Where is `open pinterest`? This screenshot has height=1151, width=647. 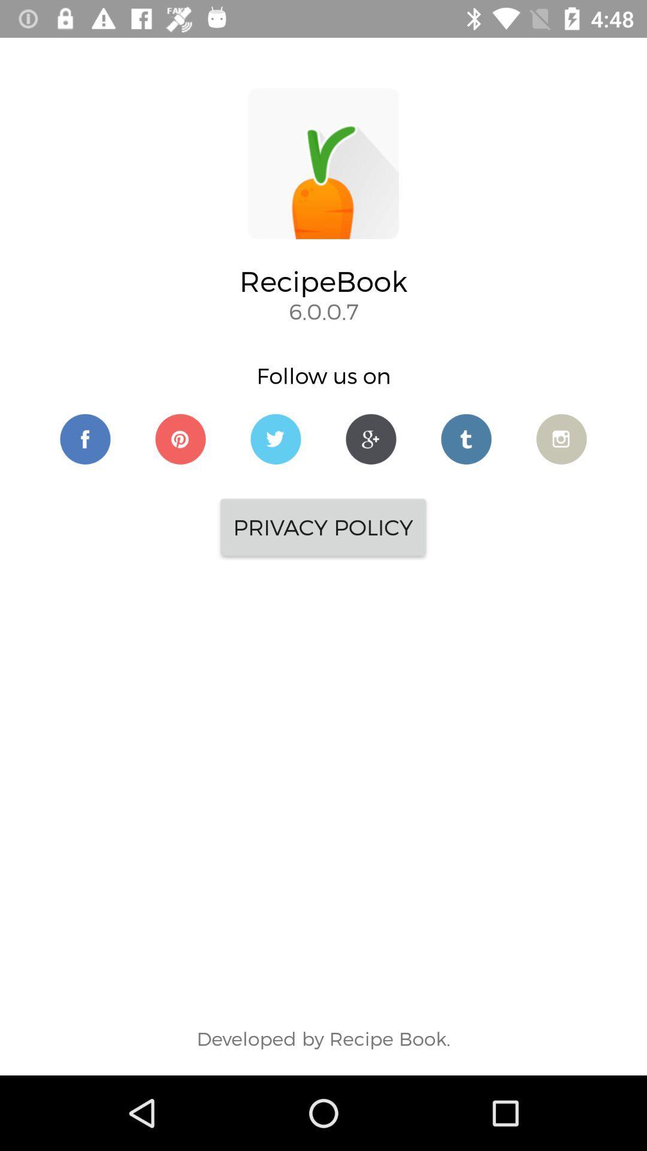 open pinterest is located at coordinates (180, 438).